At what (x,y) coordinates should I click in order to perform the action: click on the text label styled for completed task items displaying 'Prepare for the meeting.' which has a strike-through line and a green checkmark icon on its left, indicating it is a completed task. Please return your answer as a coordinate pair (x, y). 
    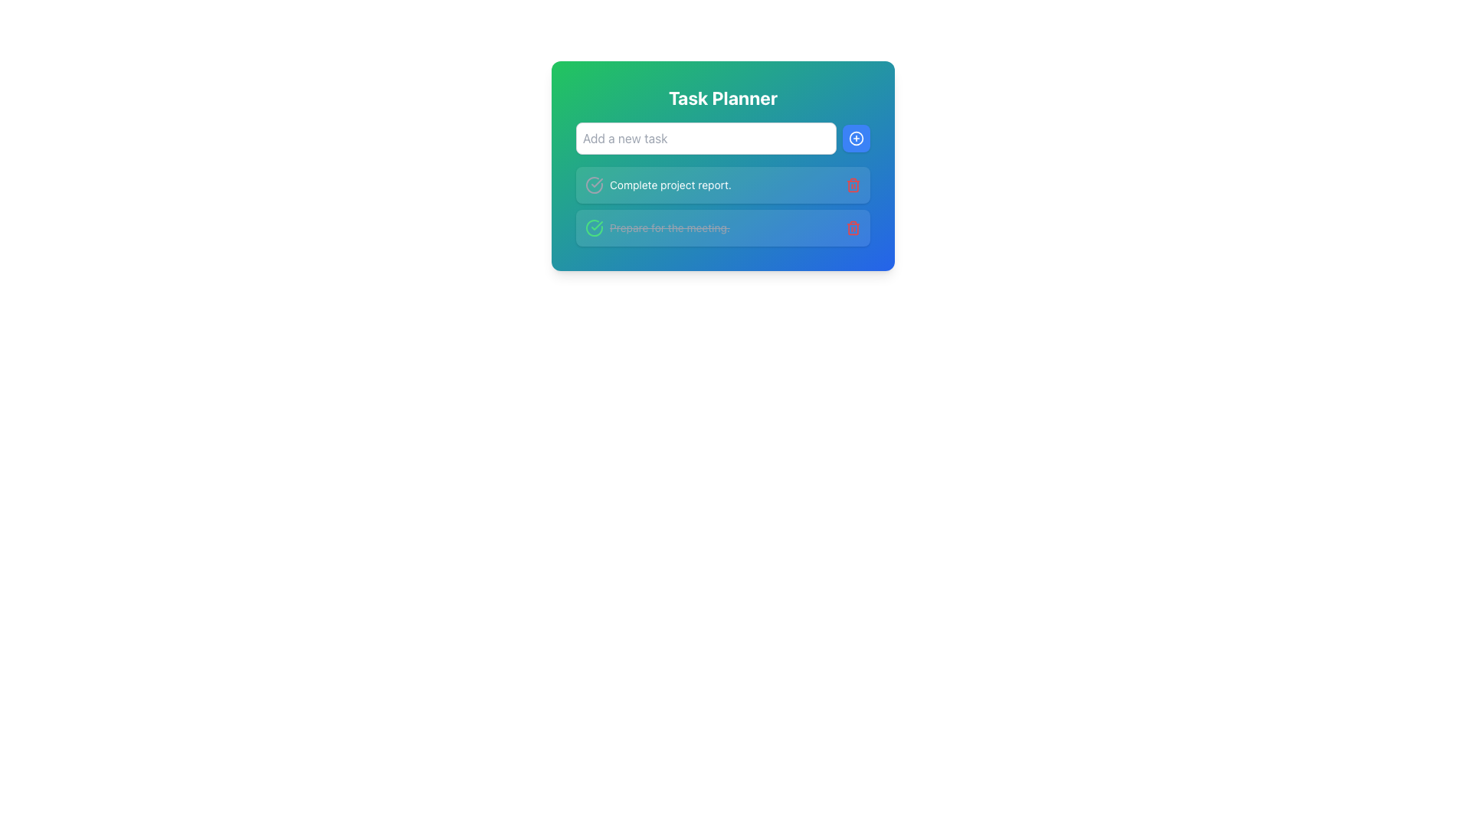
    Looking at the image, I should click on (657, 227).